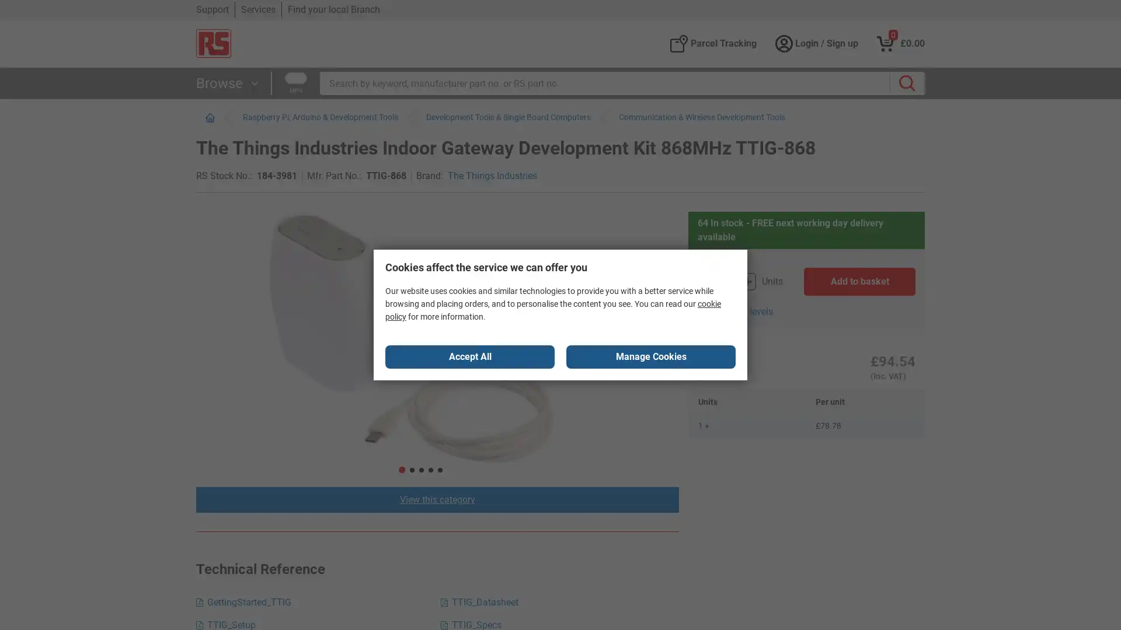 This screenshot has height=630, width=1121. What do you see at coordinates (471, 328) in the screenshot?
I see `Gallery asset 1 of 5 Gallery asset 1 of 5` at bounding box center [471, 328].